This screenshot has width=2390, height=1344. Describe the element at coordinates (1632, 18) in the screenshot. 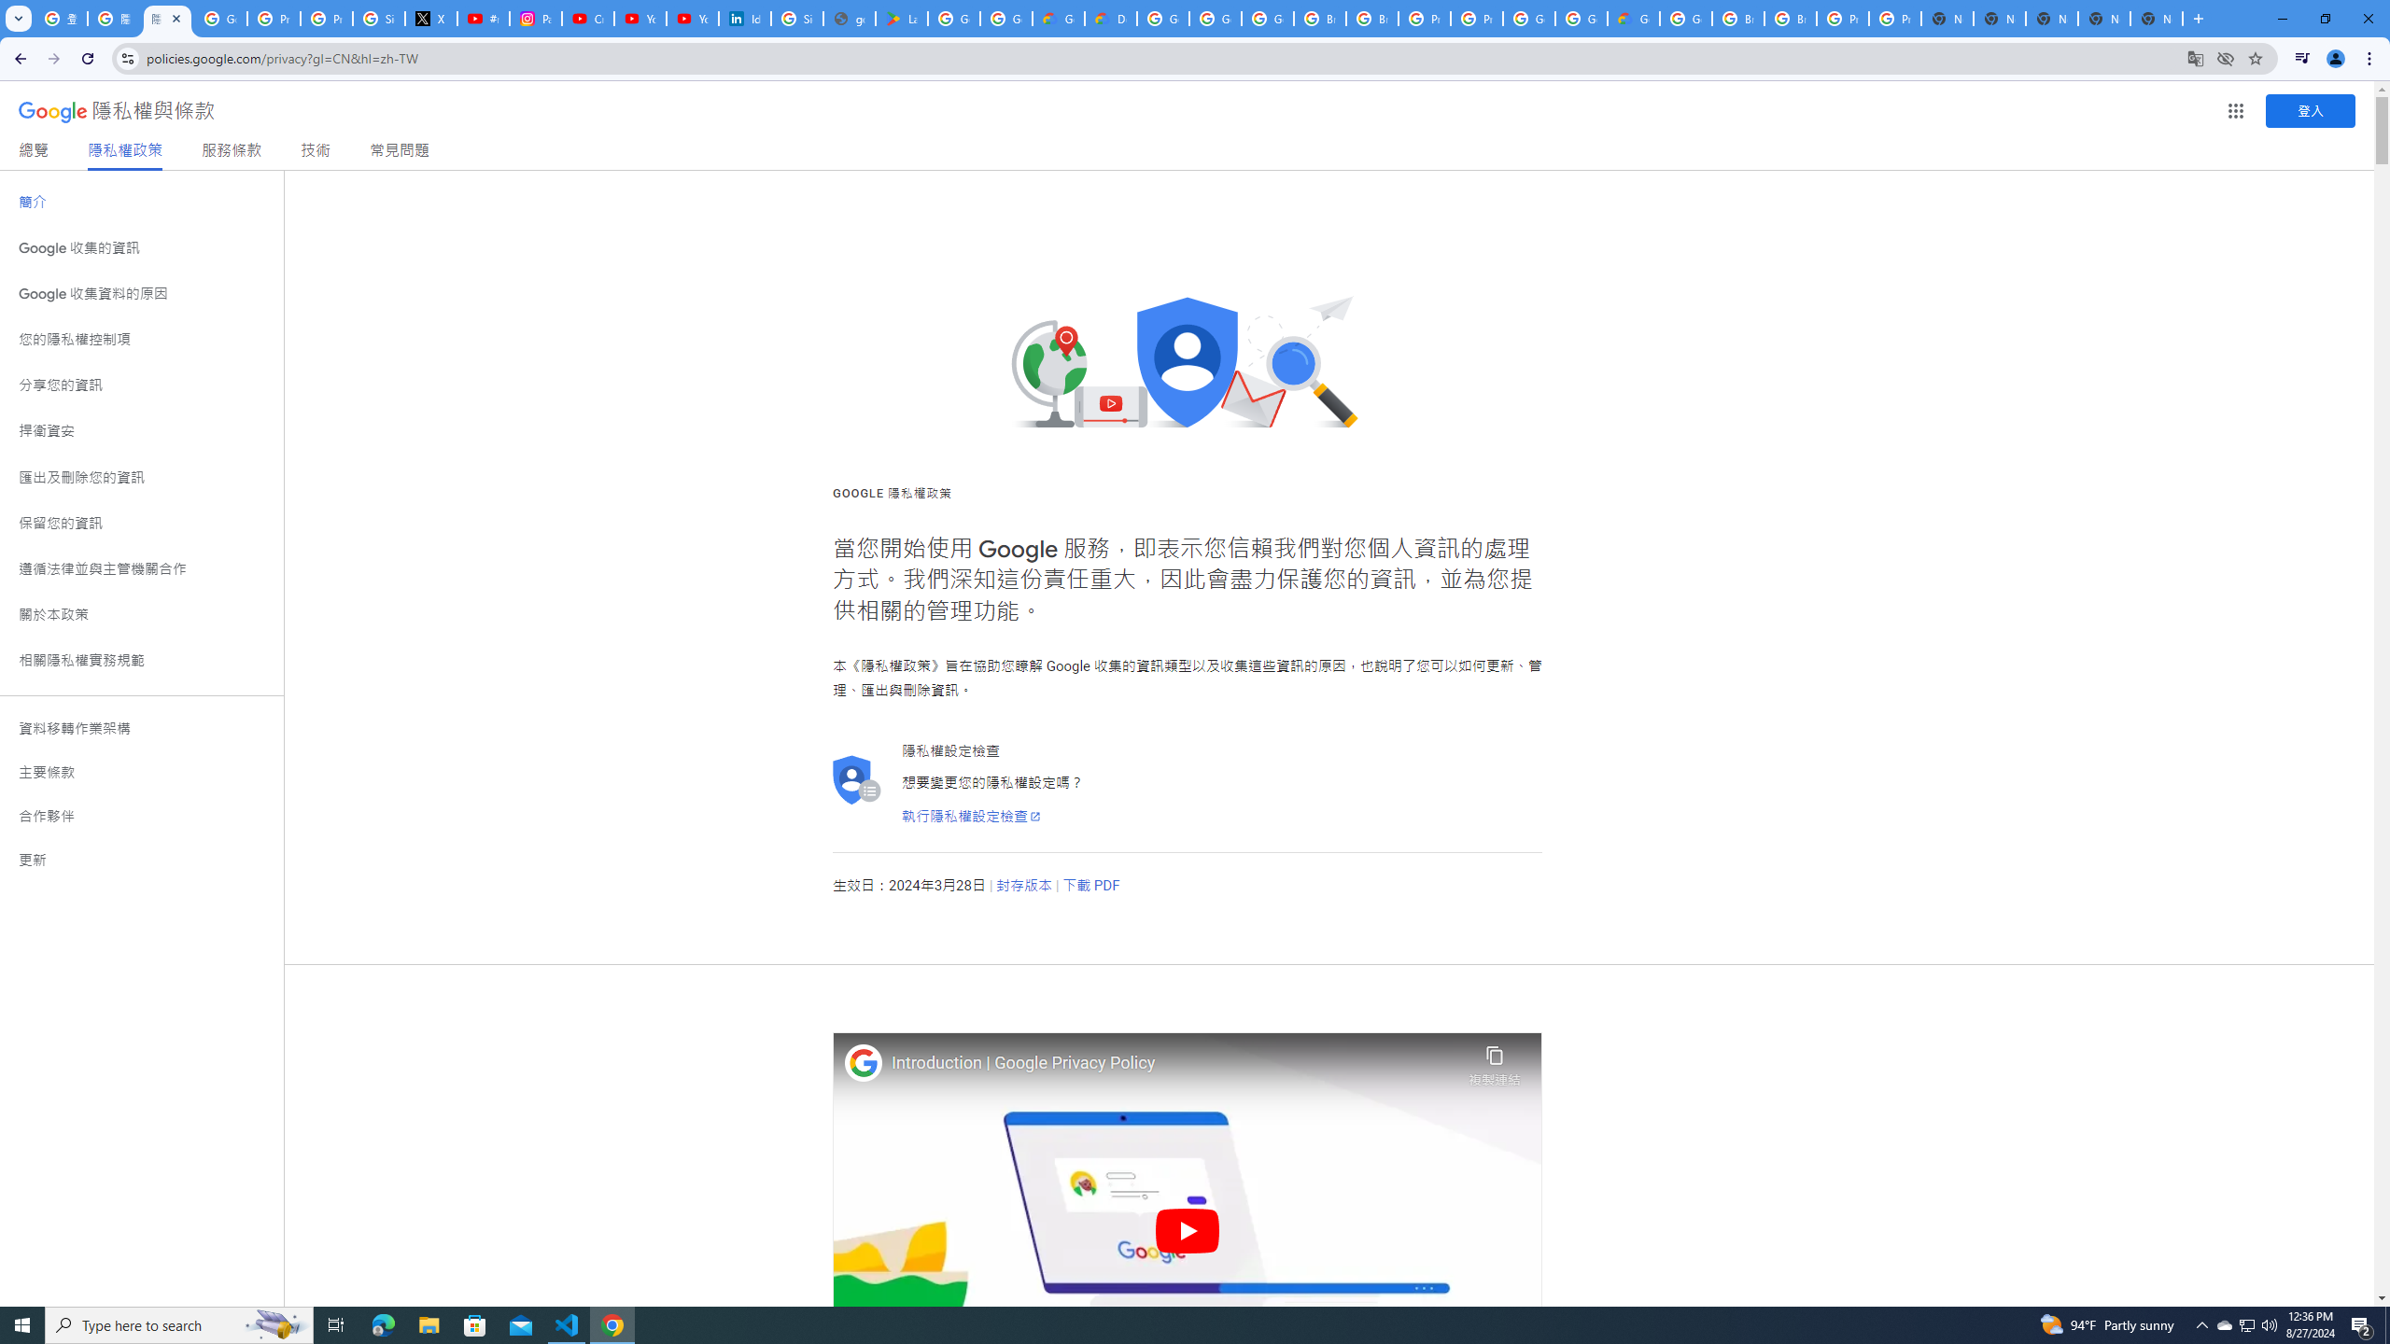

I see `'Google Cloud Estimate Summary'` at that location.